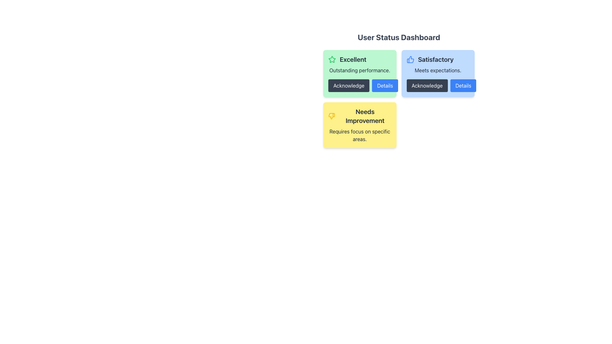  What do you see at coordinates (348, 85) in the screenshot?
I see `the first button in the bottom section of the green card labeled 'Excellent' on the User Status Dashboard` at bounding box center [348, 85].